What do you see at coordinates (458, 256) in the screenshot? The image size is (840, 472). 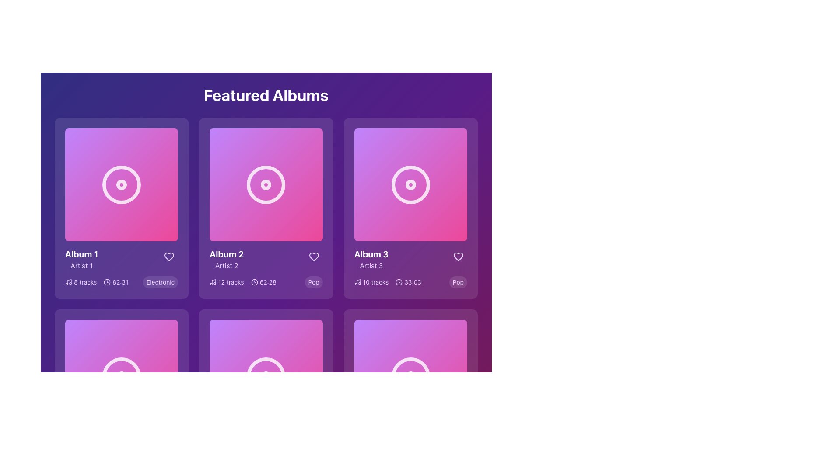 I see `the heart icon button located at the top-right corner of the 'Album 3' card to like or unlike the album` at bounding box center [458, 256].